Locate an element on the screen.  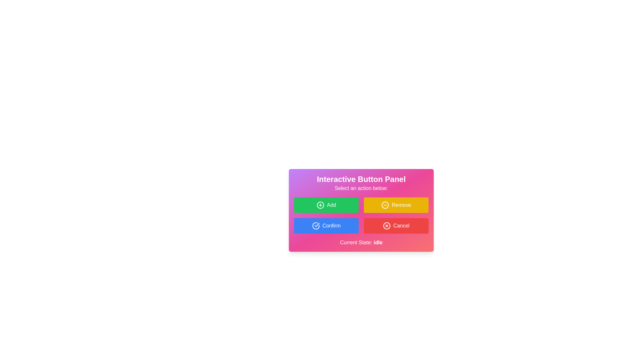
the decorative graphical element within the 'Remove' button located at the top-right side of the four-button panel is located at coordinates (385, 205).